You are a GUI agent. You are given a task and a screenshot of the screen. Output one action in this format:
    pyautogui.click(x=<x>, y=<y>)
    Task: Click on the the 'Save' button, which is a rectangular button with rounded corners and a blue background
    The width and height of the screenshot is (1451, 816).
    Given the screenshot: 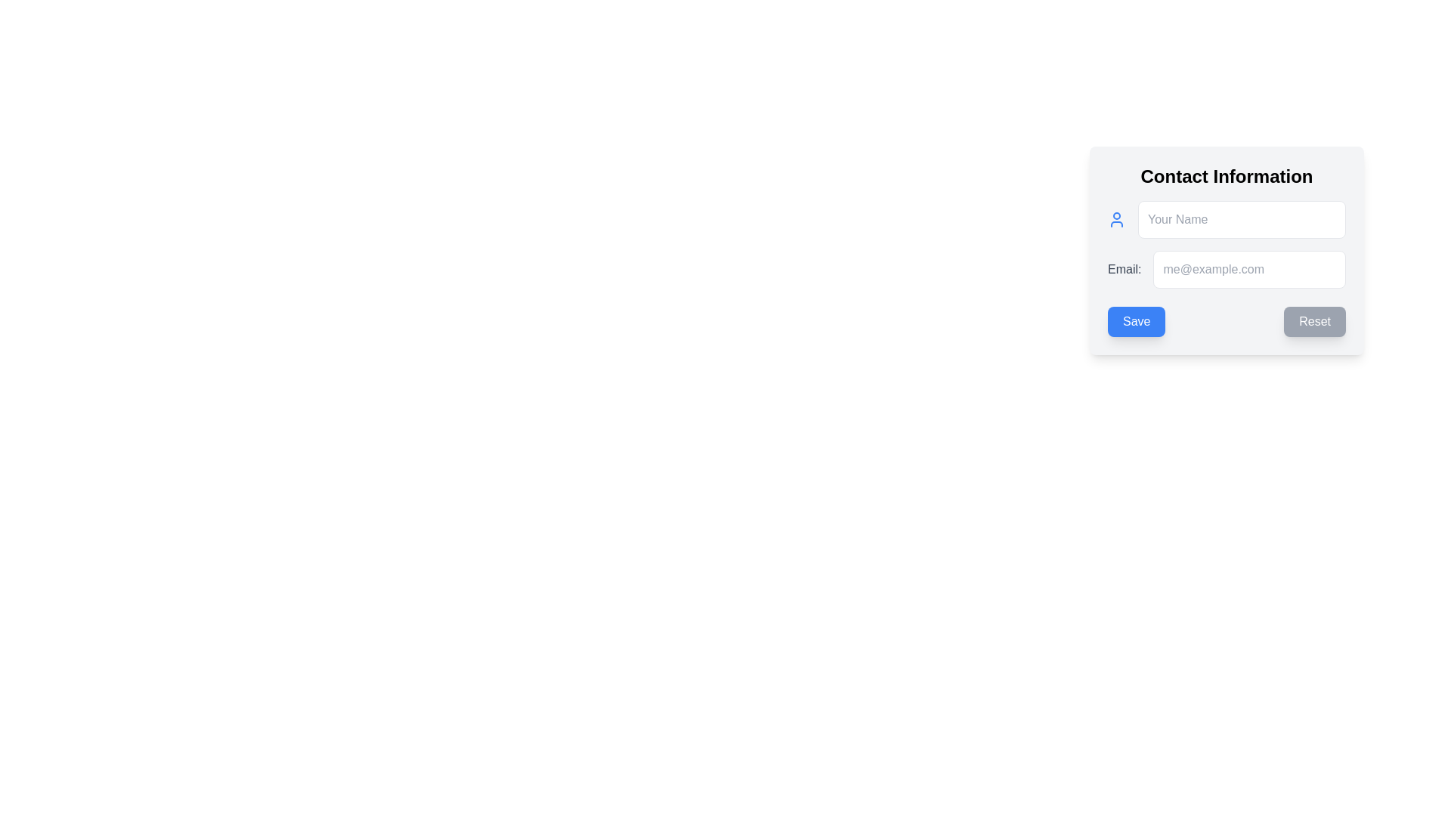 What is the action you would take?
    pyautogui.click(x=1137, y=320)
    